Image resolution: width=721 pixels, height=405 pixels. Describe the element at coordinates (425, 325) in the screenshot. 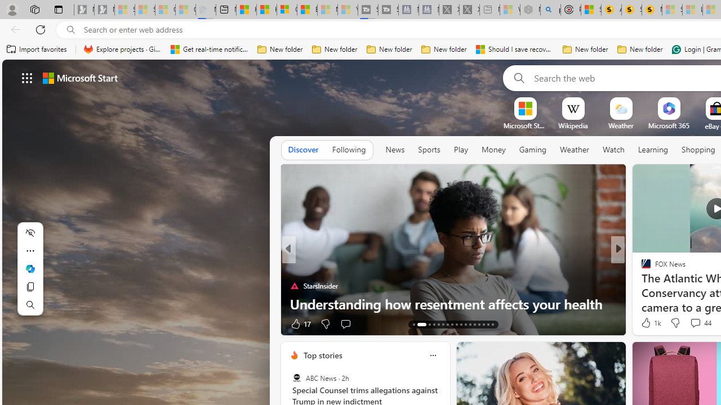

I see `'AutomationID: tab-15'` at that location.